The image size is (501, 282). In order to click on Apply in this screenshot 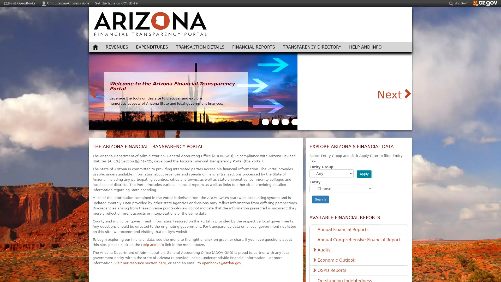, I will do `click(364, 174)`.